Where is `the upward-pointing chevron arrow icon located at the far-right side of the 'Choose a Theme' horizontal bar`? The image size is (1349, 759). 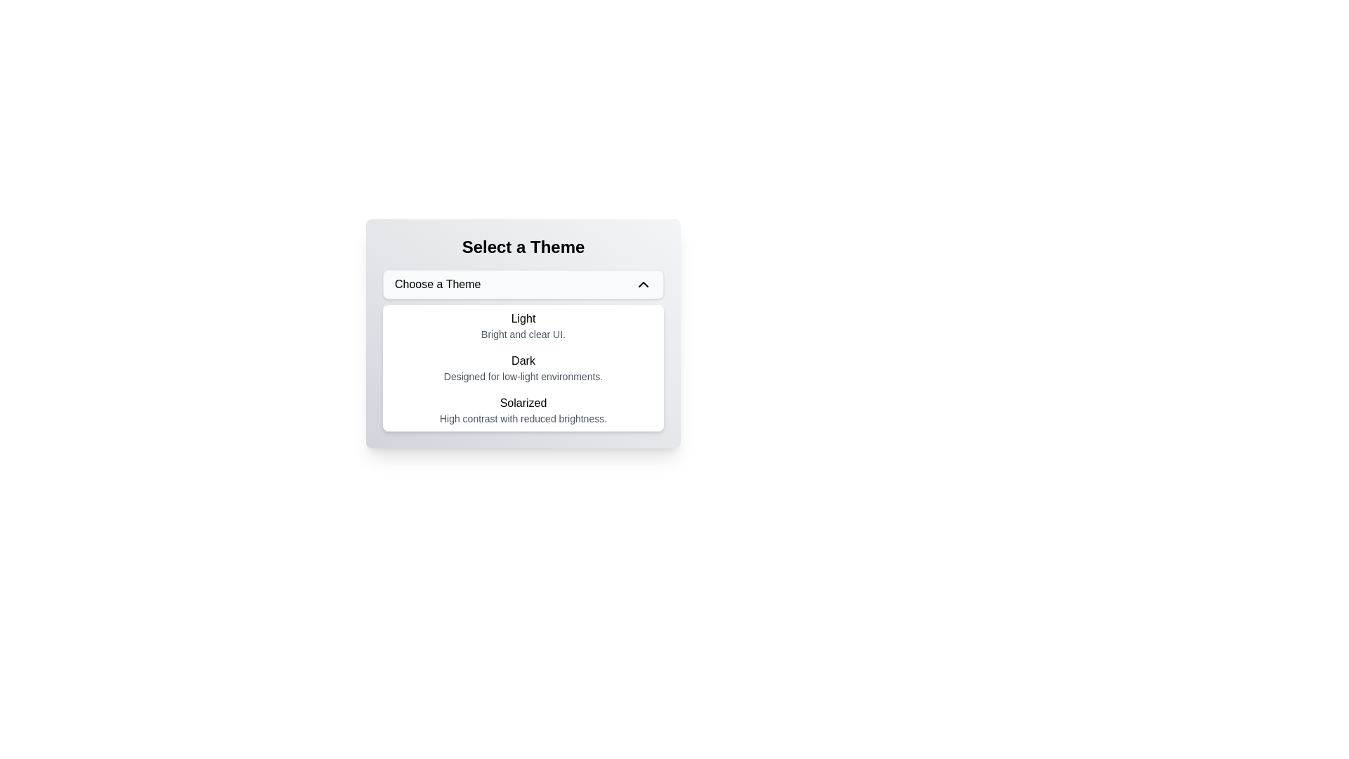 the upward-pointing chevron arrow icon located at the far-right side of the 'Choose a Theme' horizontal bar is located at coordinates (643, 285).